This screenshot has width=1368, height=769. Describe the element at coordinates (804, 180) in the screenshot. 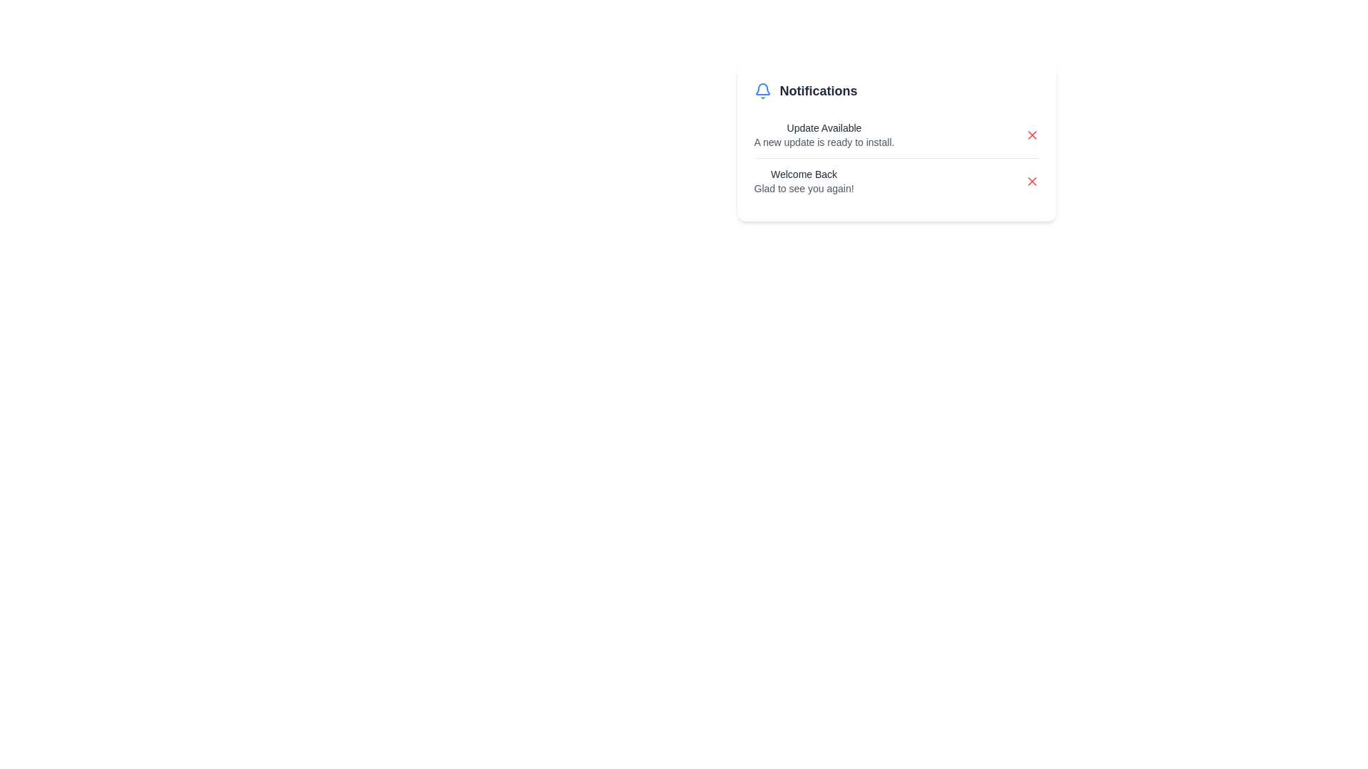

I see `the text element displaying 'Welcome Back' and 'Glad` at that location.